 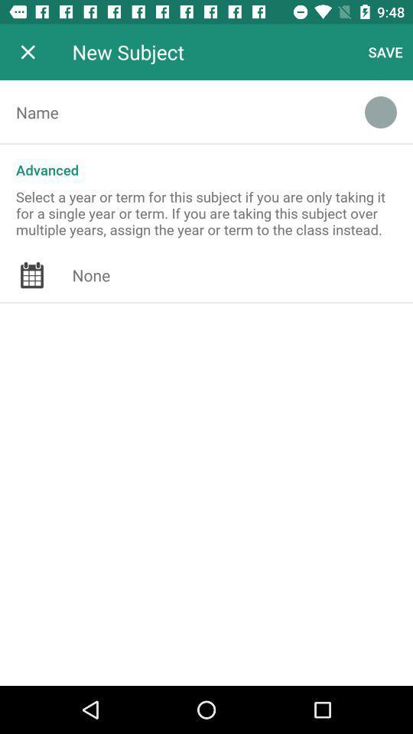 I want to click on none, so click(x=242, y=275).